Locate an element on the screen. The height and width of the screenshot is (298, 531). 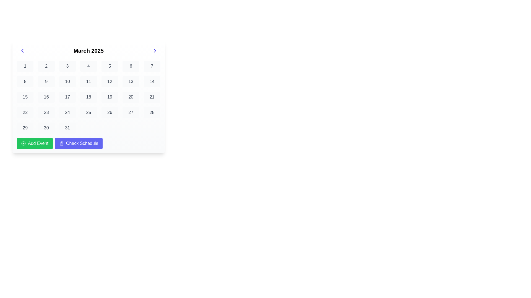
the static text element displaying the numeral '28' in the calendar for March 2025, located in the seventh column and fourth row, which darkens on hover is located at coordinates (152, 112).